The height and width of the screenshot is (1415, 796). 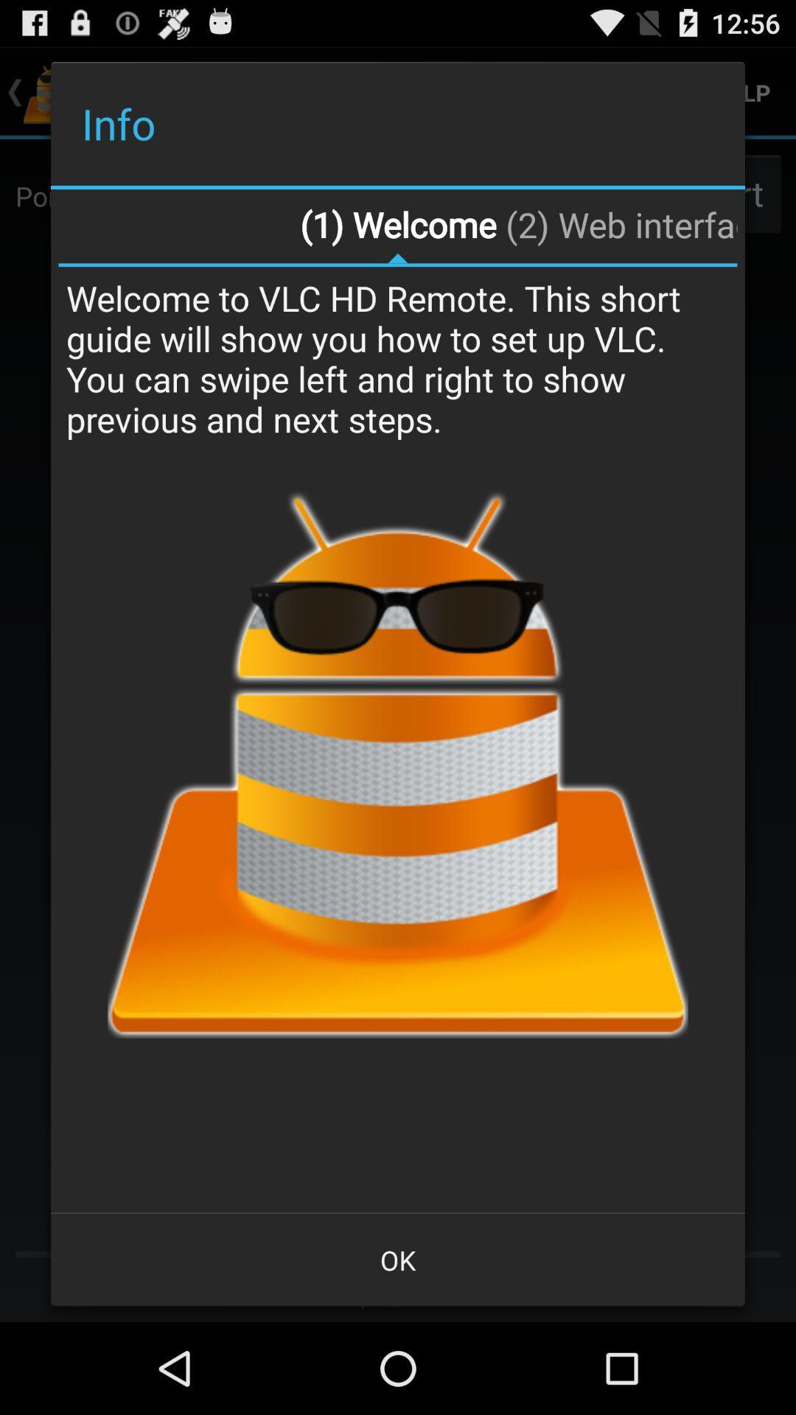 I want to click on the ok button, so click(x=398, y=1259).